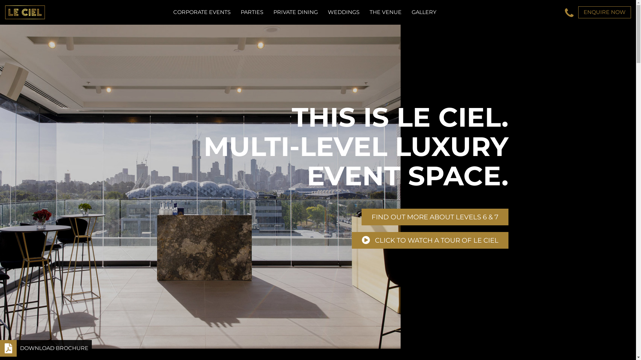 Image resolution: width=641 pixels, height=360 pixels. I want to click on 'DOWNLOAD BROCHURE', so click(45, 348).